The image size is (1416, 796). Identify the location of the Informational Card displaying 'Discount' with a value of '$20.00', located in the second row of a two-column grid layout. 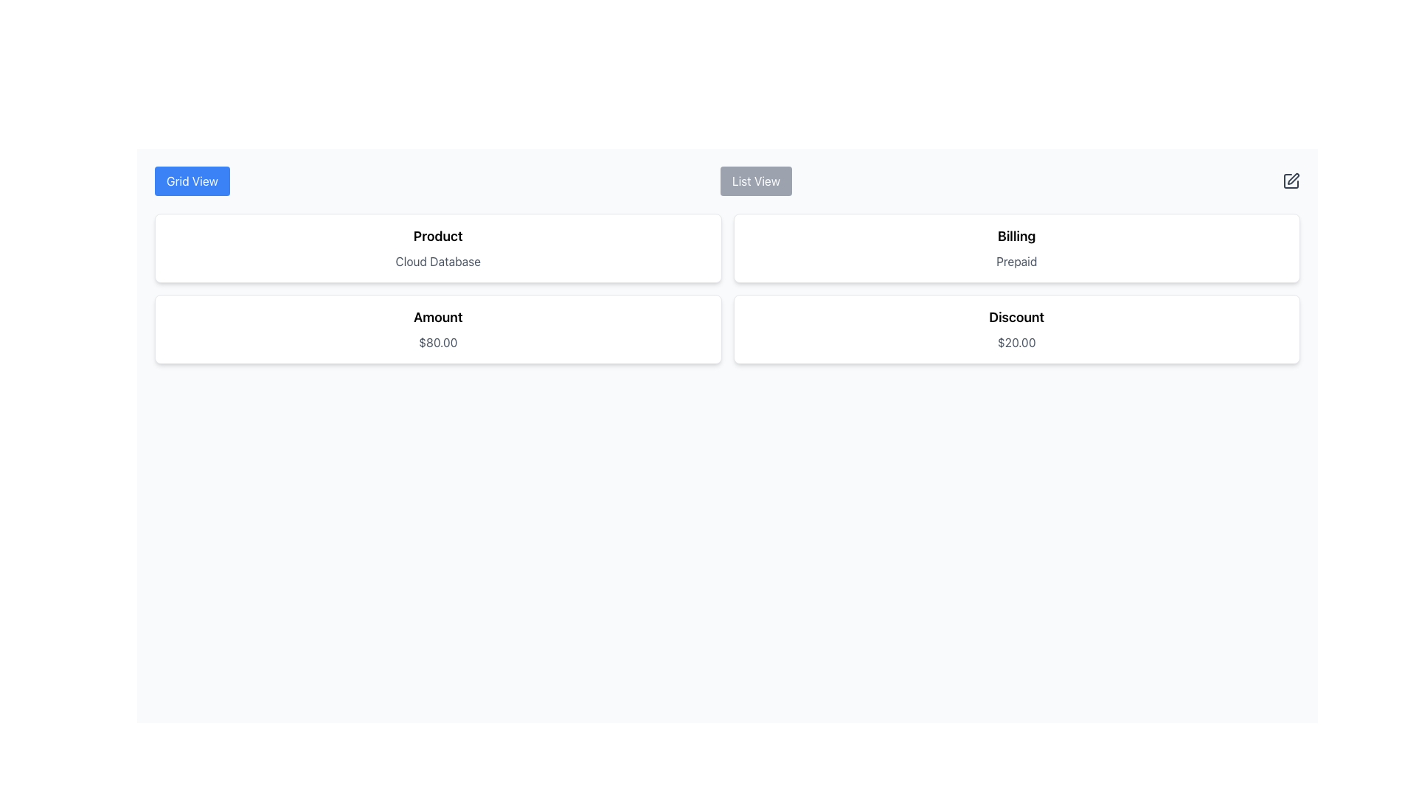
(1016, 329).